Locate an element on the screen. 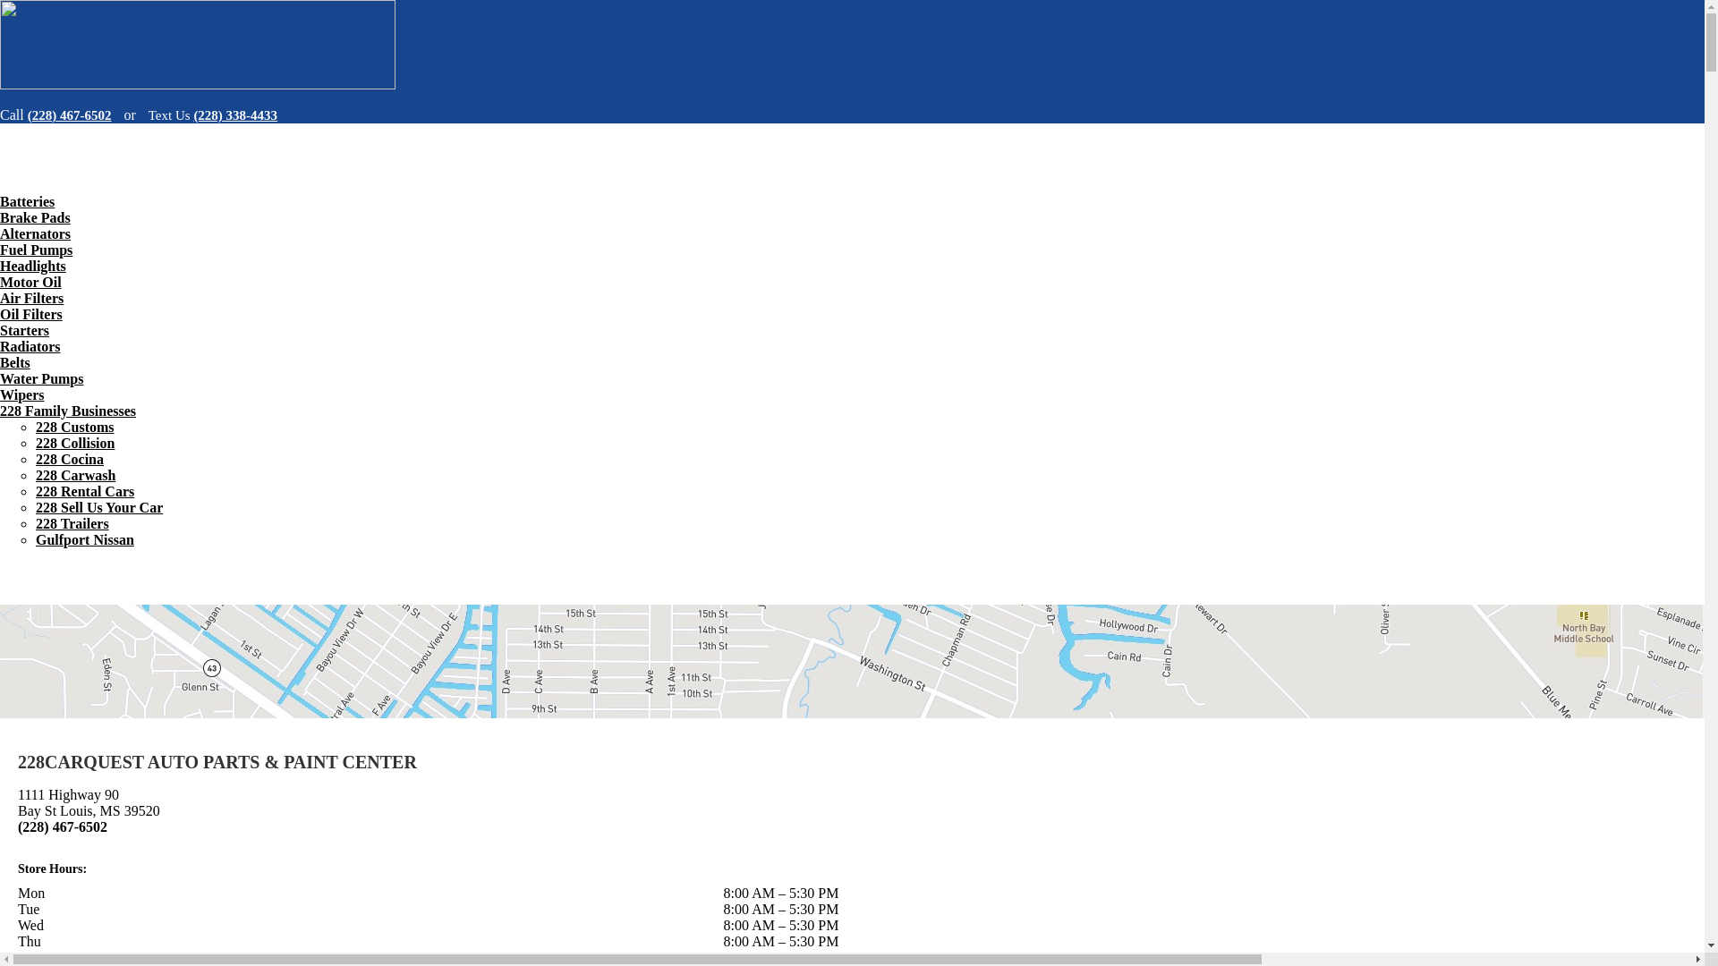 Image resolution: width=1718 pixels, height=966 pixels. 'Starters' is located at coordinates (24, 330).